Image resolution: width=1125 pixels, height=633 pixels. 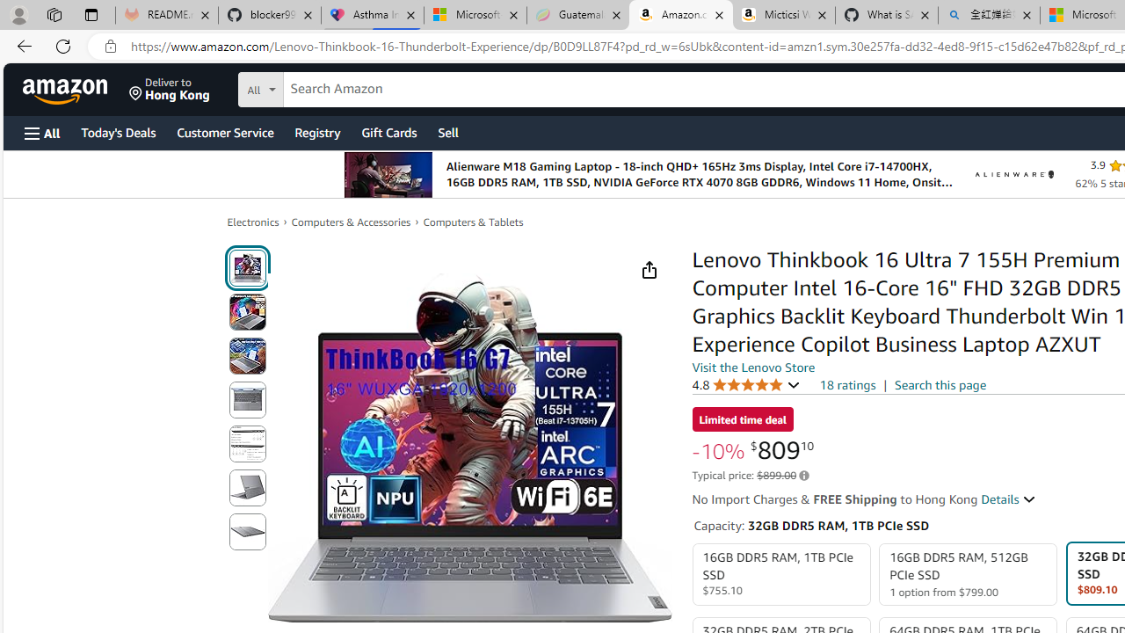 What do you see at coordinates (170, 89) in the screenshot?
I see `'Deliver to Hong Kong'` at bounding box center [170, 89].